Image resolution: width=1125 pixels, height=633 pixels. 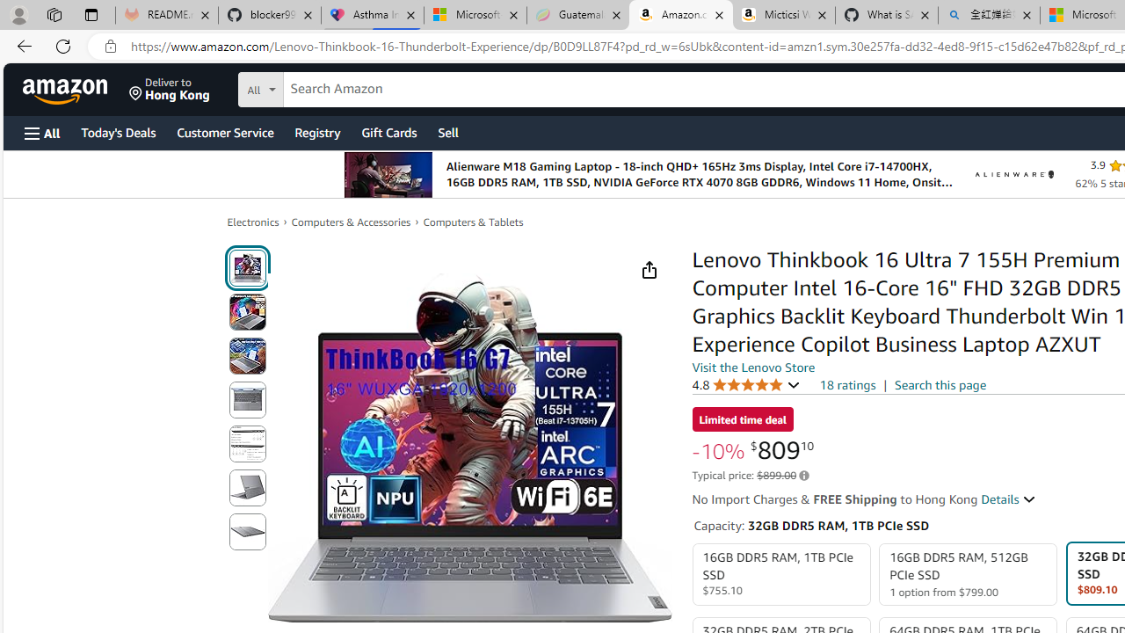 What do you see at coordinates (170, 89) in the screenshot?
I see `'Deliver to Hong Kong'` at bounding box center [170, 89].